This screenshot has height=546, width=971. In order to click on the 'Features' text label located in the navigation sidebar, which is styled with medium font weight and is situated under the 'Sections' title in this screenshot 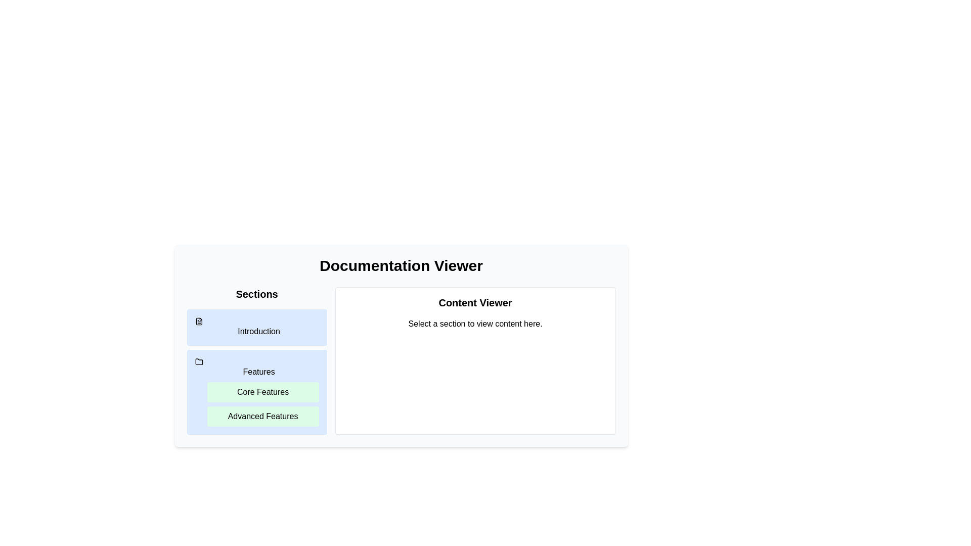, I will do `click(259, 372)`.